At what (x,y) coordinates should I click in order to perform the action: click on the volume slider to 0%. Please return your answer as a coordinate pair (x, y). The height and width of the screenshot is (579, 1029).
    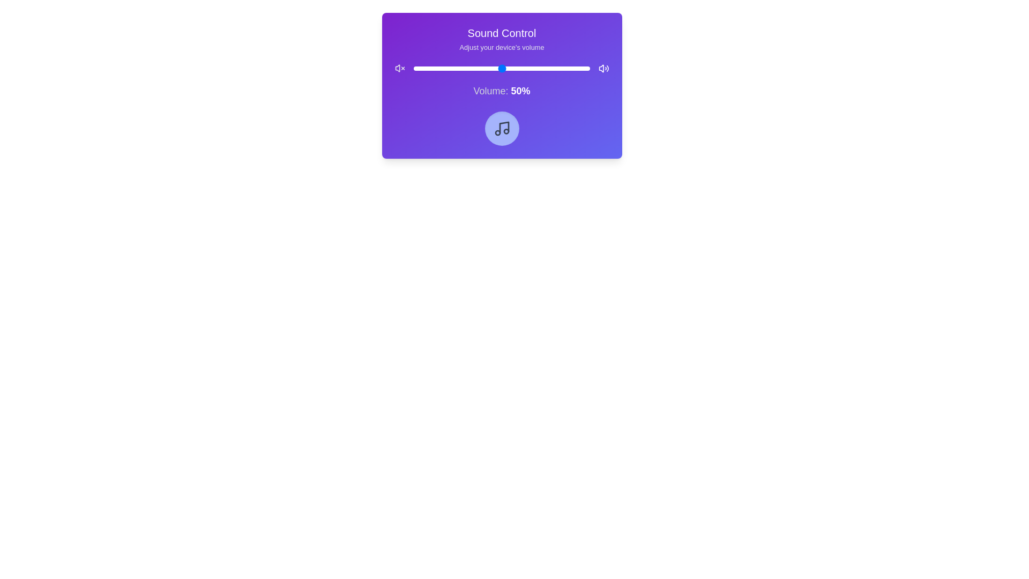
    Looking at the image, I should click on (413, 68).